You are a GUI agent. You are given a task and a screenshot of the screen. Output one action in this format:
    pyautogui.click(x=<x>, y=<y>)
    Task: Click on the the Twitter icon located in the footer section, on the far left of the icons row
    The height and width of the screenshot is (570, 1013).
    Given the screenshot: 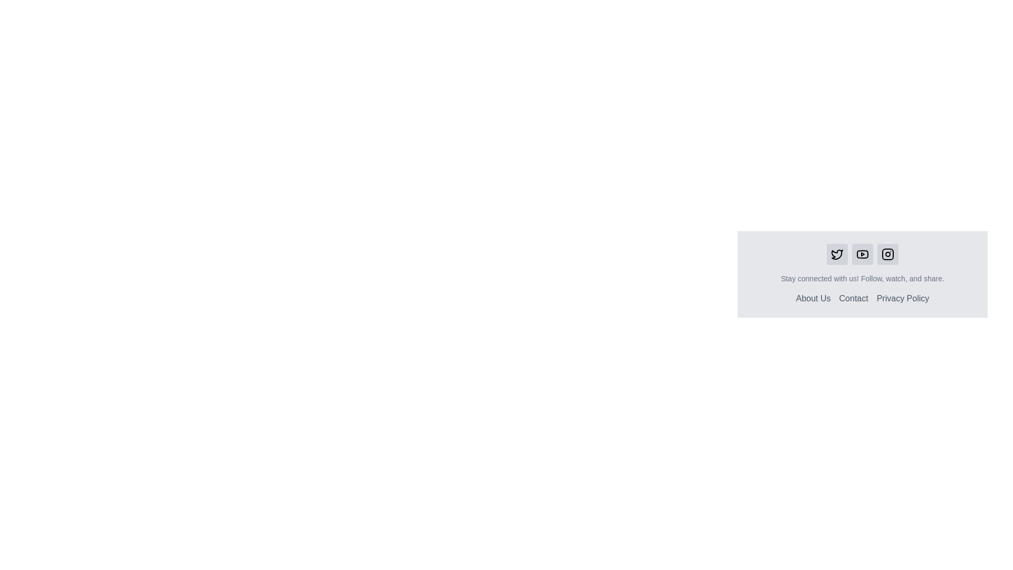 What is the action you would take?
    pyautogui.click(x=837, y=254)
    